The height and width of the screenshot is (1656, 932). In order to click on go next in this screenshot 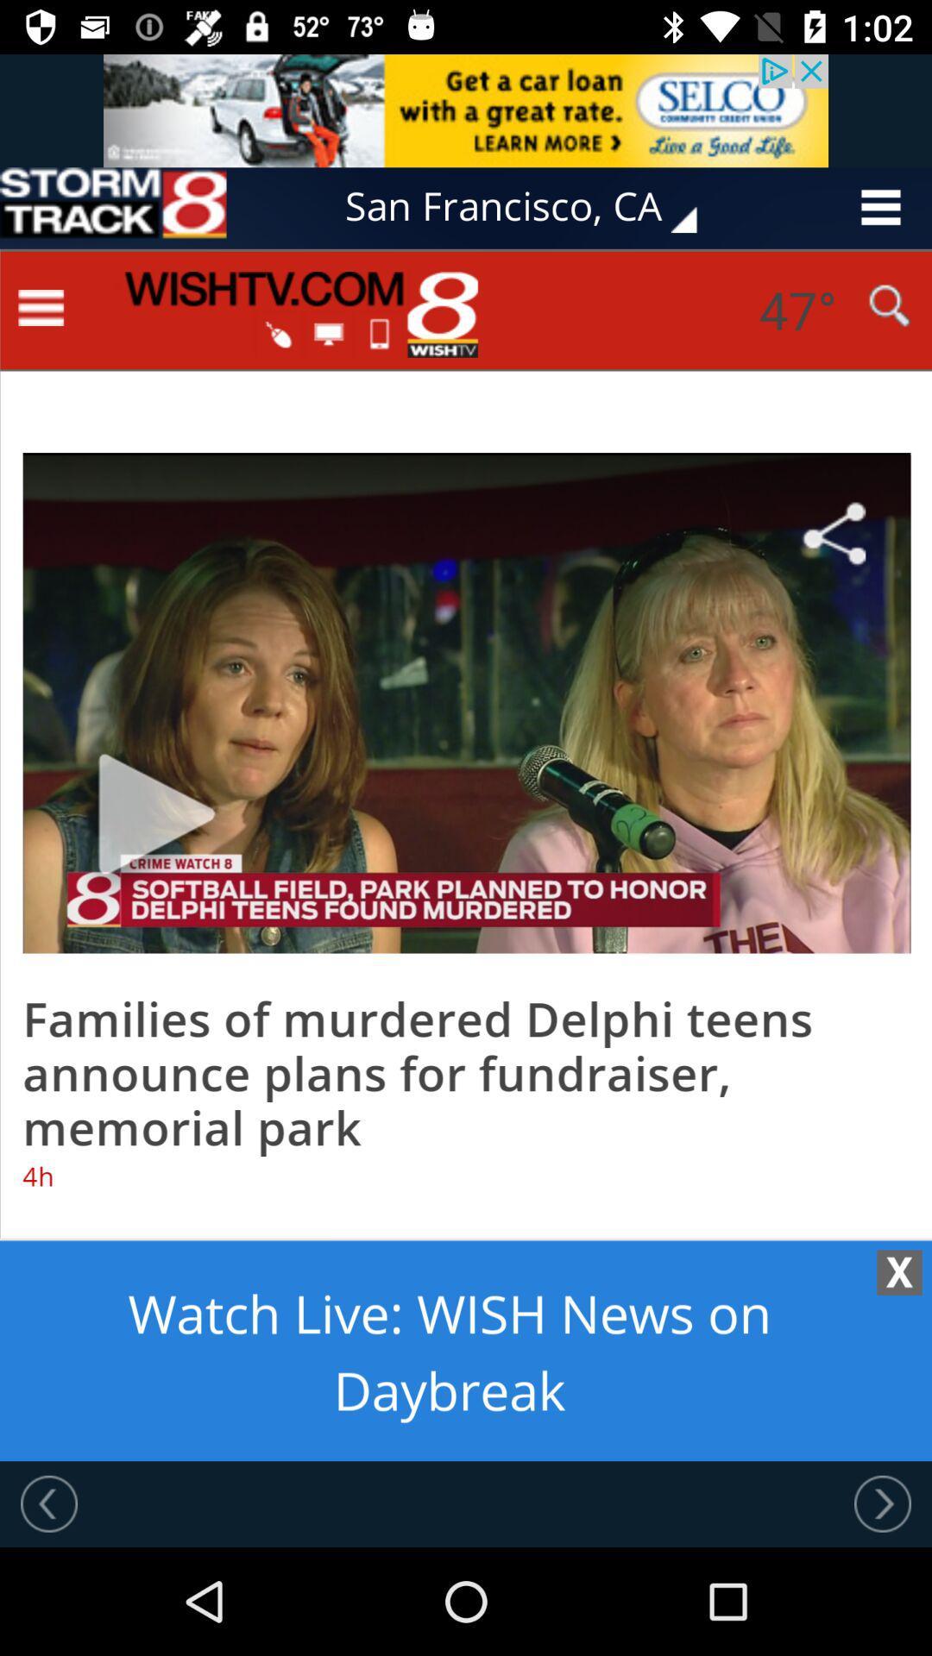, I will do `click(882, 1502)`.